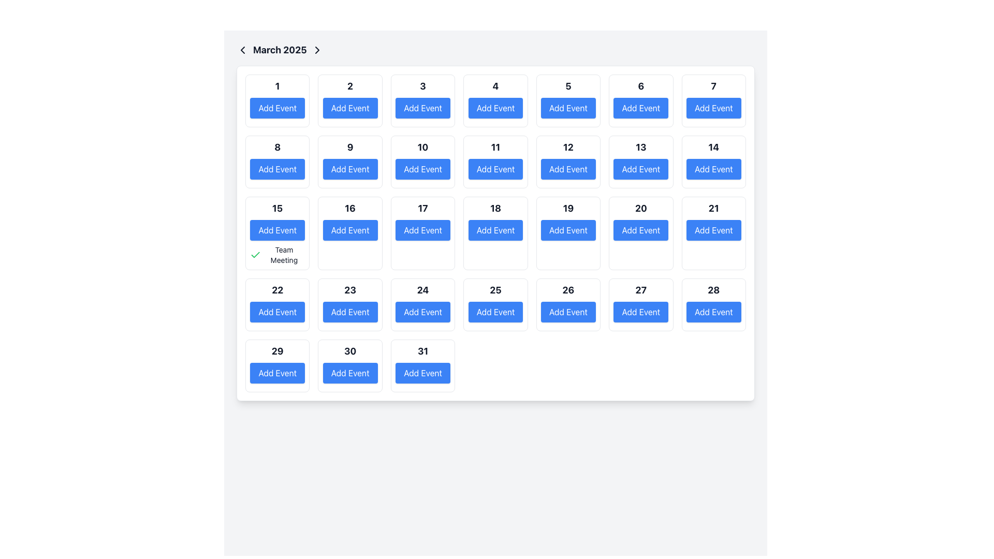  Describe the element at coordinates (277, 290) in the screenshot. I see `the bold, large-sized numeric text displaying '22' located in the upper segment of the calendar cell for the date '22', positioned above the blue 'Add Event' button` at that location.